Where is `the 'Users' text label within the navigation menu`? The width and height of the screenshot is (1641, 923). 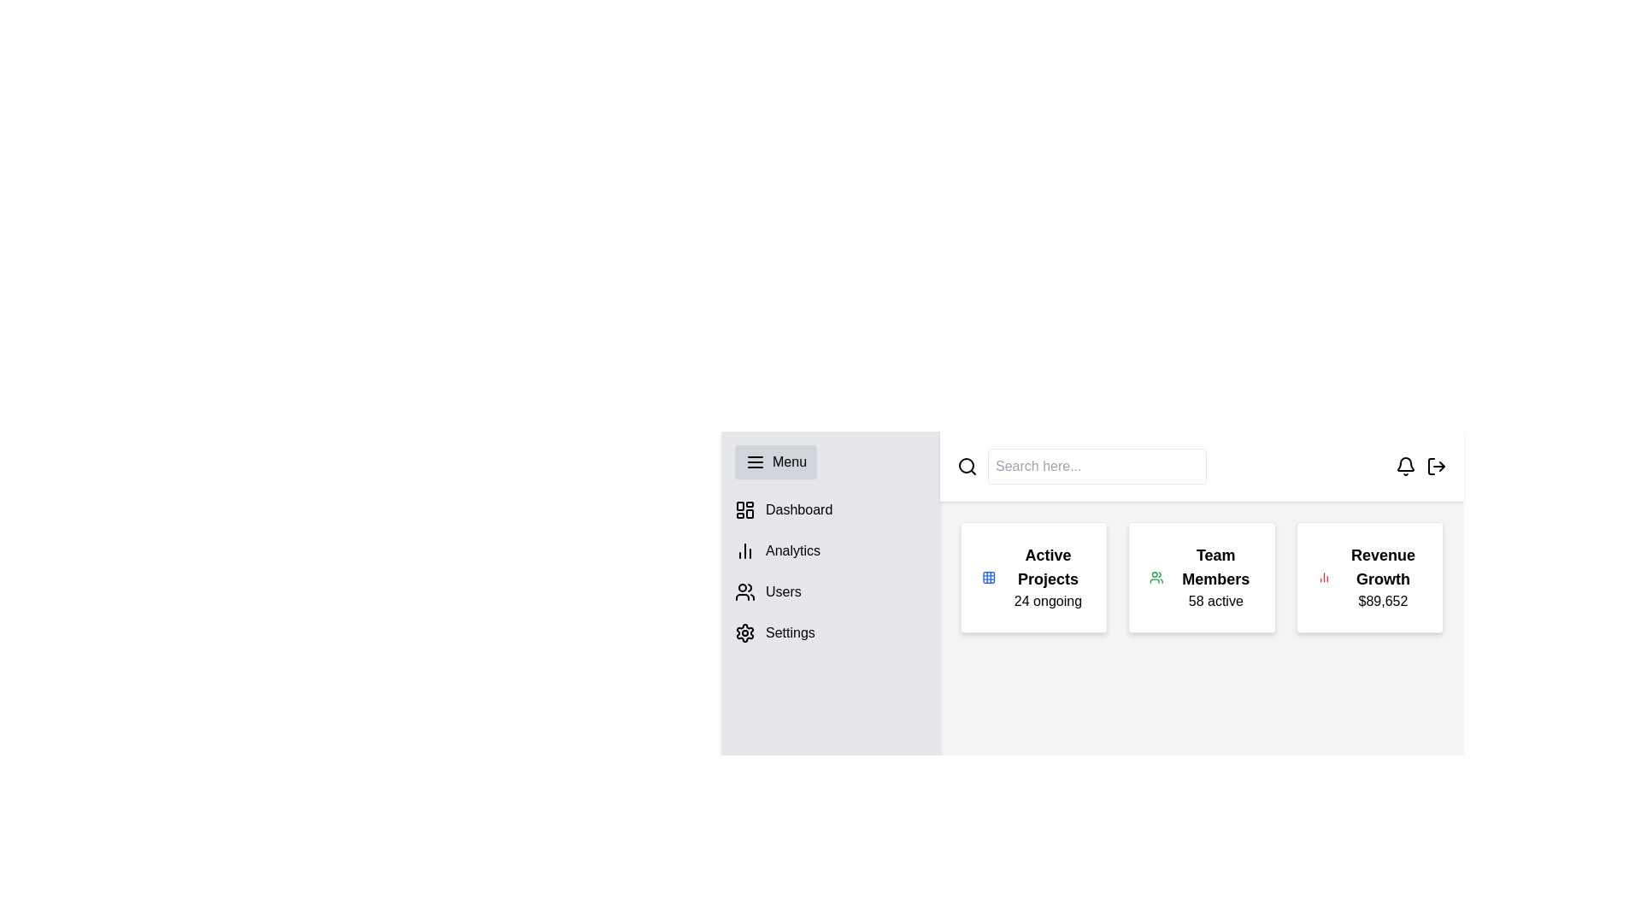
the 'Users' text label within the navigation menu is located at coordinates (782, 591).